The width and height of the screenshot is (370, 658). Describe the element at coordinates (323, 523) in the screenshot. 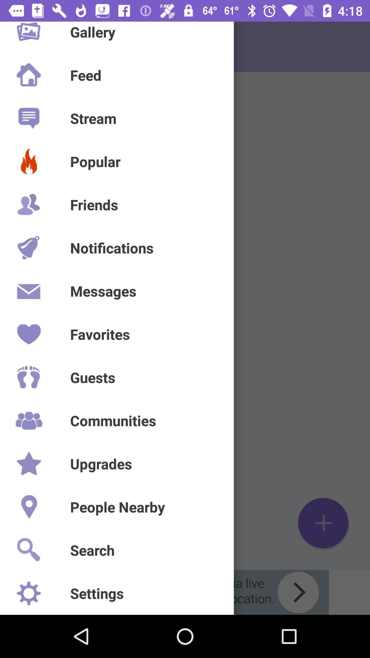

I see `the add icon` at that location.